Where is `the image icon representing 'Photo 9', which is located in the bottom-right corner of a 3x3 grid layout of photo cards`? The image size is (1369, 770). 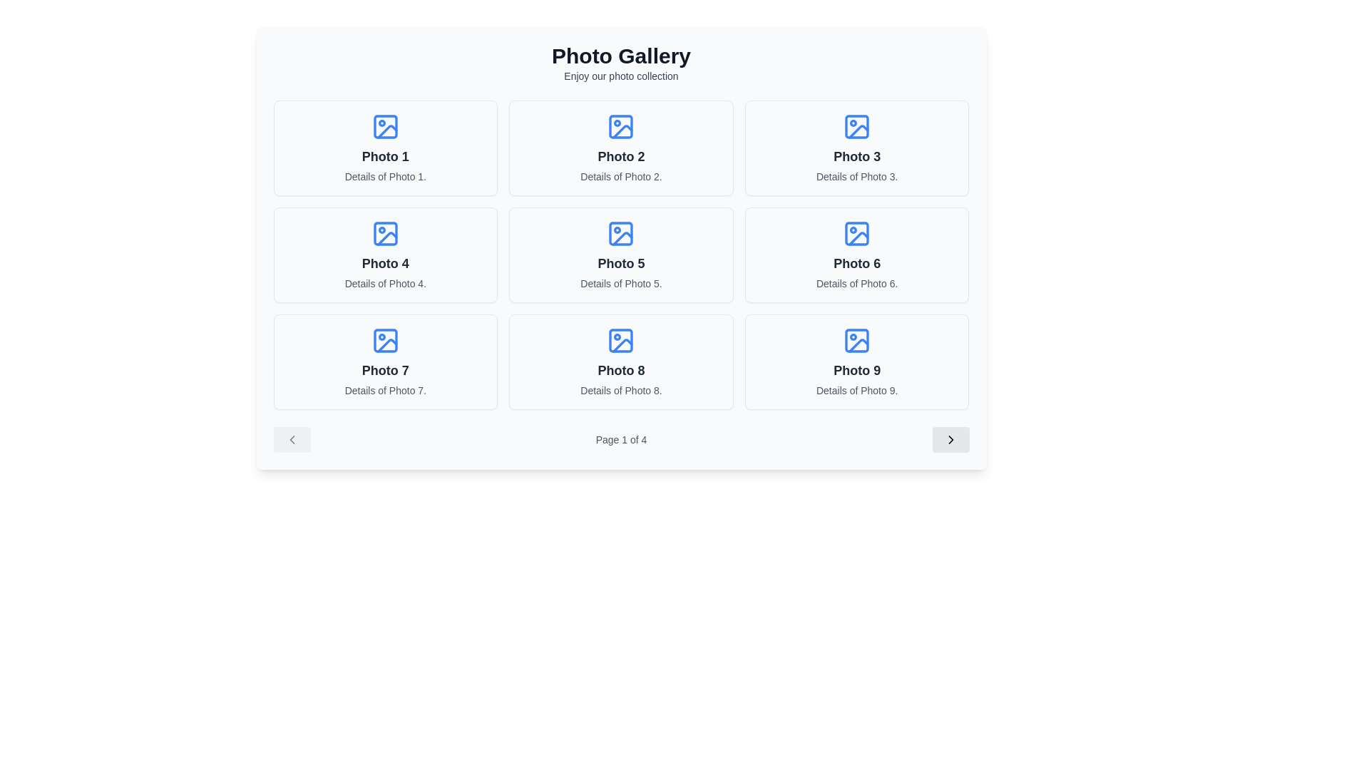
the image icon representing 'Photo 9', which is located in the bottom-right corner of a 3x3 grid layout of photo cards is located at coordinates (856, 341).